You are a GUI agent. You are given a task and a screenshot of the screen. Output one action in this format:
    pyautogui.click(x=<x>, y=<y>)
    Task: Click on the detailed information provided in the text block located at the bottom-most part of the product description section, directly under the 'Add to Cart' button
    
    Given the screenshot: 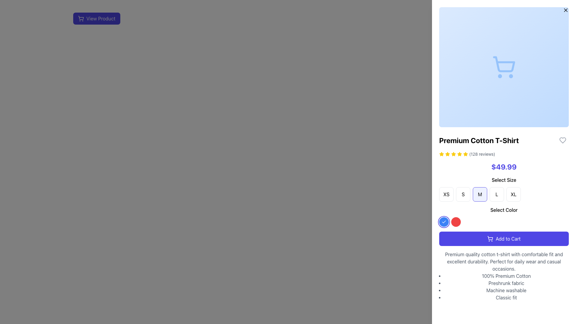 What is the action you would take?
    pyautogui.click(x=504, y=276)
    